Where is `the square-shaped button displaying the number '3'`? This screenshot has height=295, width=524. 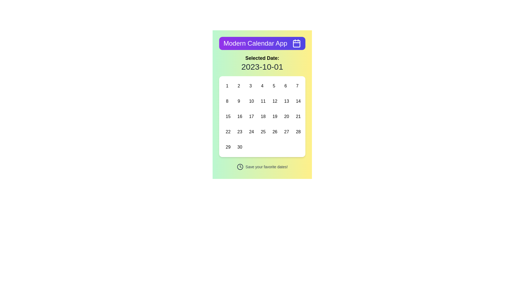 the square-shaped button displaying the number '3' is located at coordinates (250, 86).